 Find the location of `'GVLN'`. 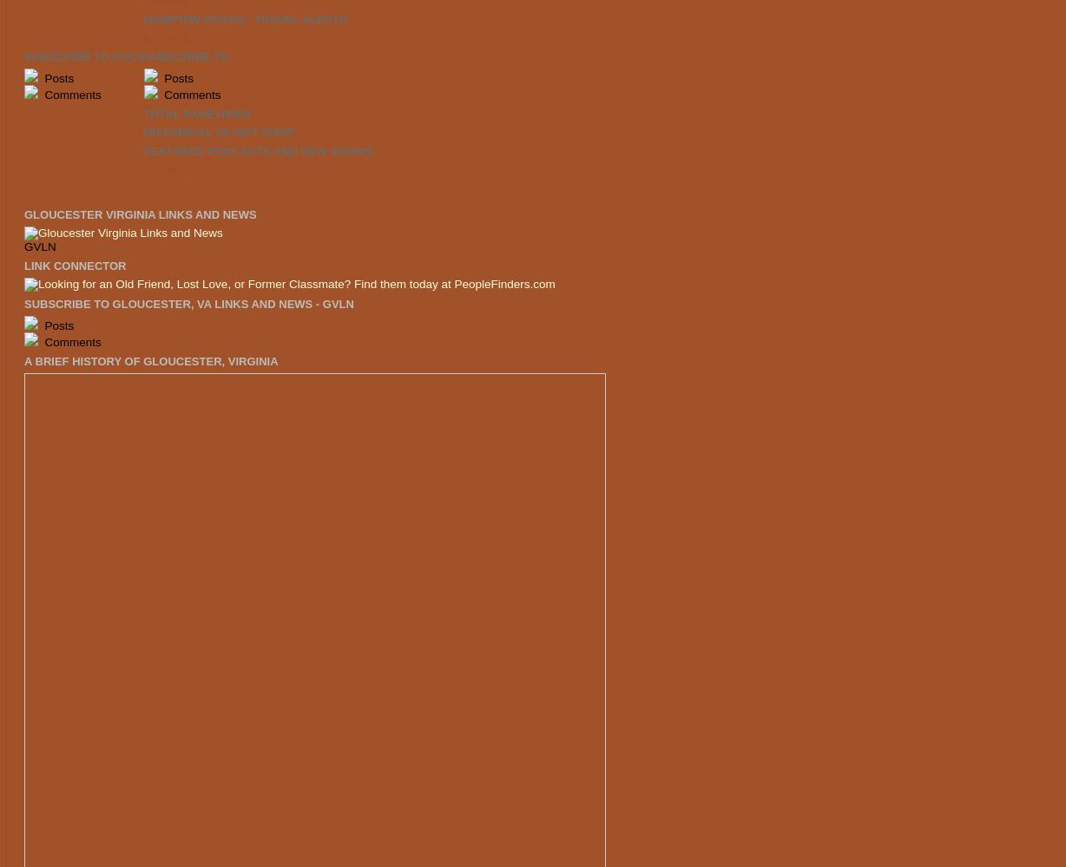

'GVLN' is located at coordinates (40, 246).